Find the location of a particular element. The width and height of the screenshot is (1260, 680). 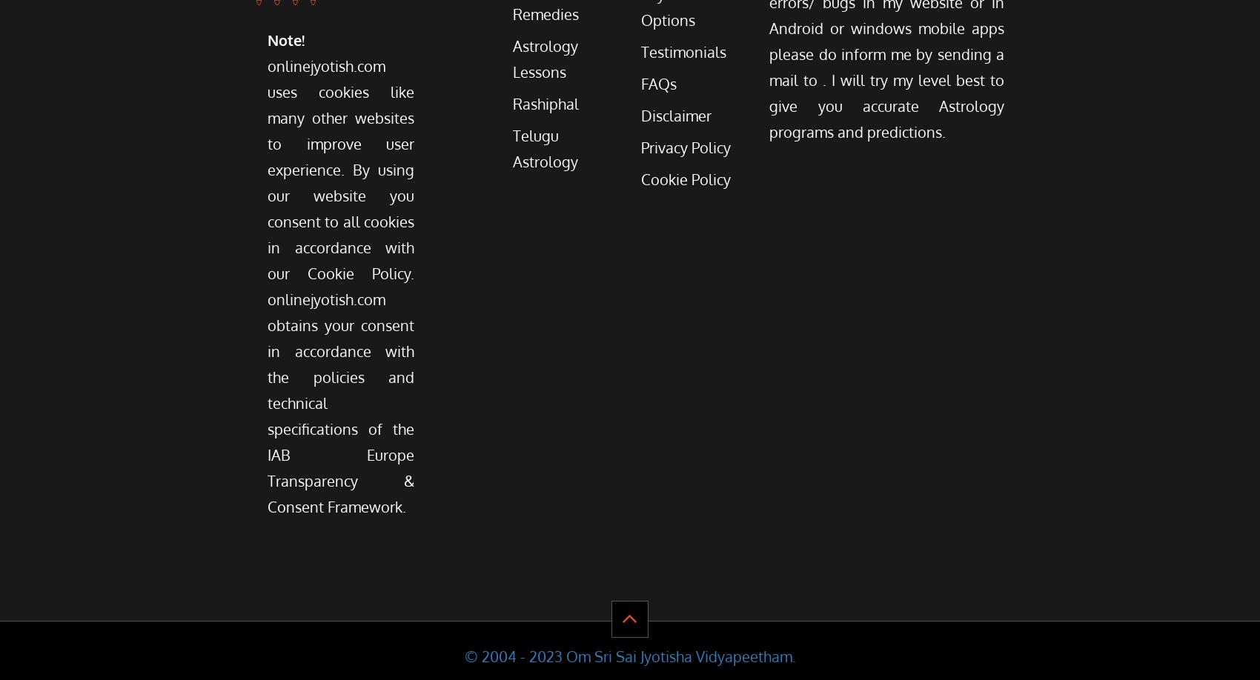

'© 2004 - 2023 Om Sri Sai Jyotisha Vidyapeetham.' is located at coordinates (462, 655).